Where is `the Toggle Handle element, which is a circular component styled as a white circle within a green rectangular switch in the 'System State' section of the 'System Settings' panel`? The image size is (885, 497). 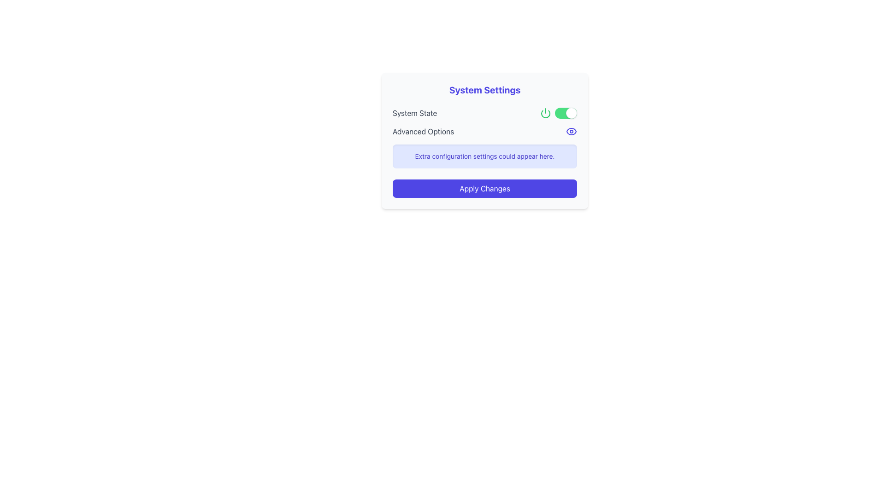
the Toggle Handle element, which is a circular component styled as a white circle within a green rectangular switch in the 'System State' section of the 'System Settings' panel is located at coordinates (571, 113).